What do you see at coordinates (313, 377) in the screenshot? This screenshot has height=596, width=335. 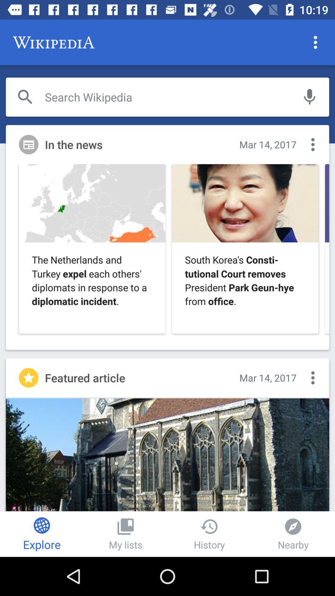 I see `3 vertical dots icon which is to the right side of the text which says featured article mar 14 2017` at bounding box center [313, 377].